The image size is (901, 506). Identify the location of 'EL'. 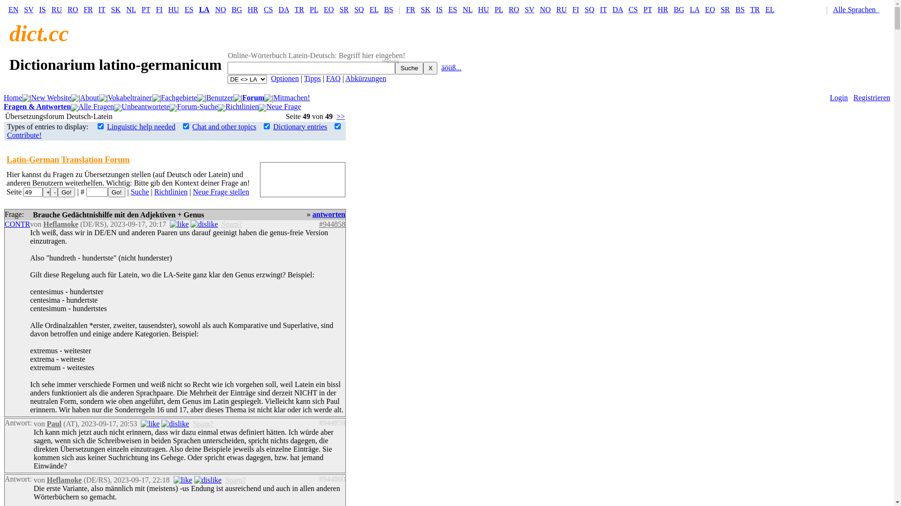
(373, 9).